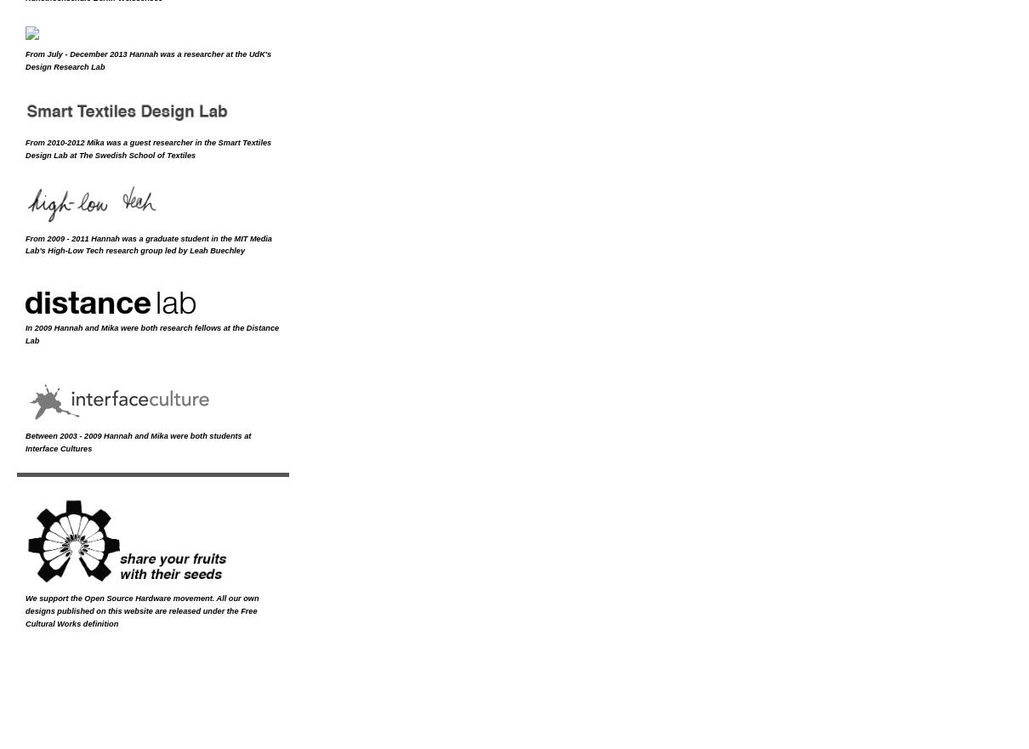 This screenshot has height=749, width=1029. What do you see at coordinates (148, 243) in the screenshot?
I see `'MIT Media Lab'` at bounding box center [148, 243].